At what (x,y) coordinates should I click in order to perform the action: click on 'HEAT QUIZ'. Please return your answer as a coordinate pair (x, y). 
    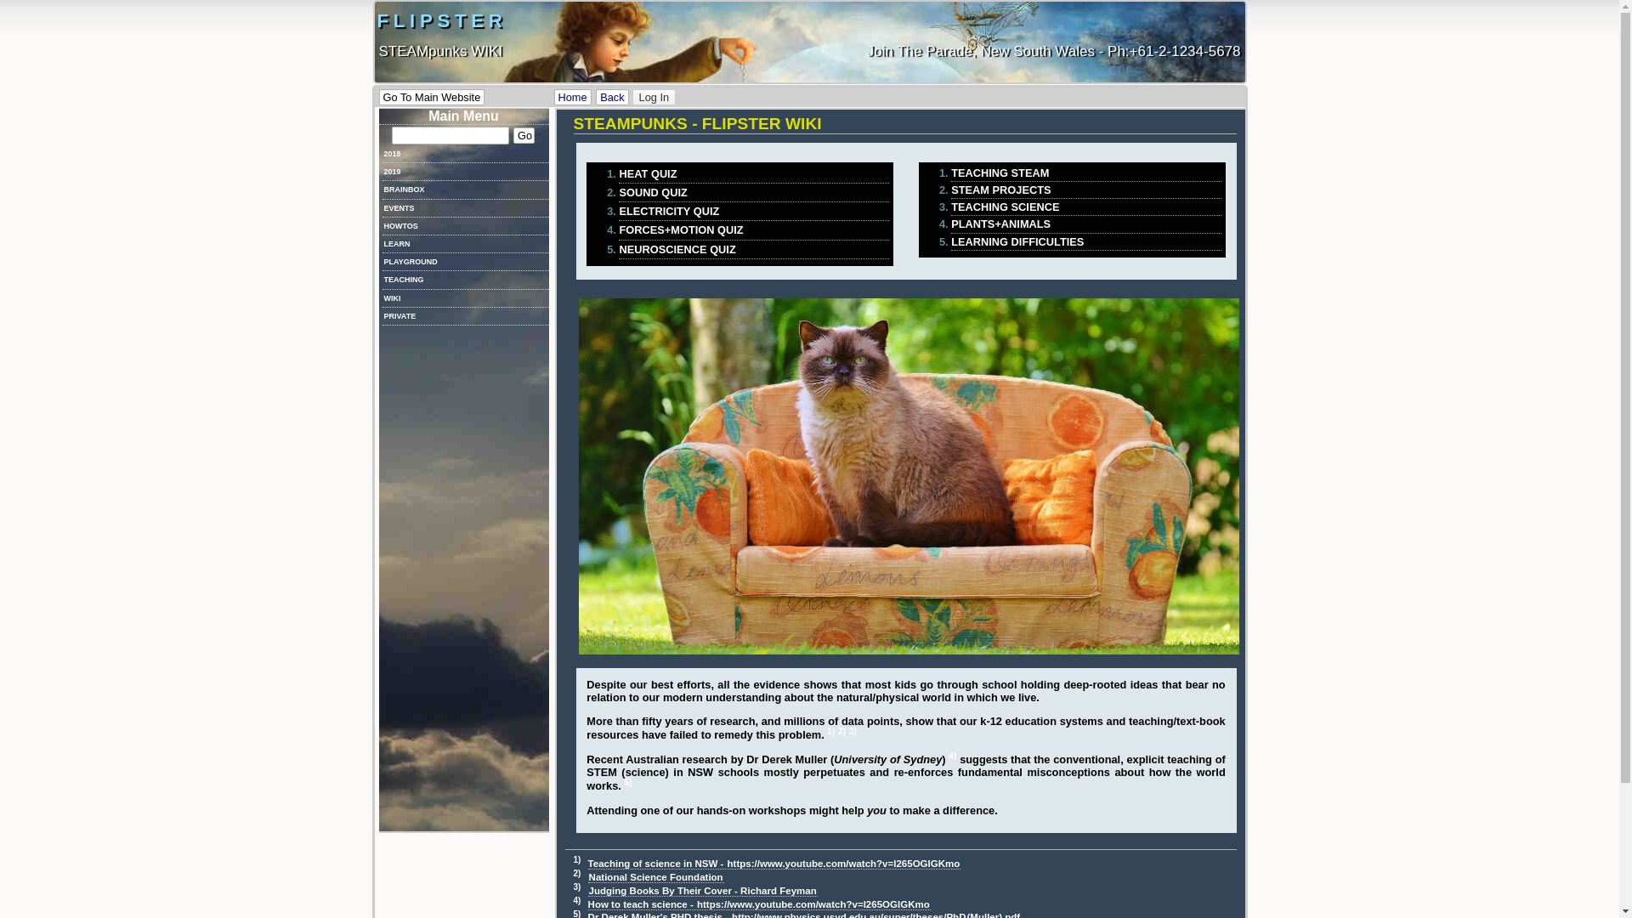
    Looking at the image, I should click on (752, 173).